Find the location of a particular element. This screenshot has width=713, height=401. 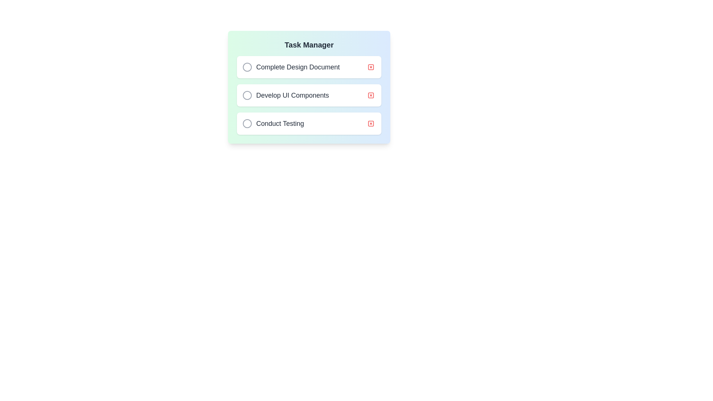

the header text label located at the top-center of the card, which serves as the title indicating the context of the card is located at coordinates (309, 45).